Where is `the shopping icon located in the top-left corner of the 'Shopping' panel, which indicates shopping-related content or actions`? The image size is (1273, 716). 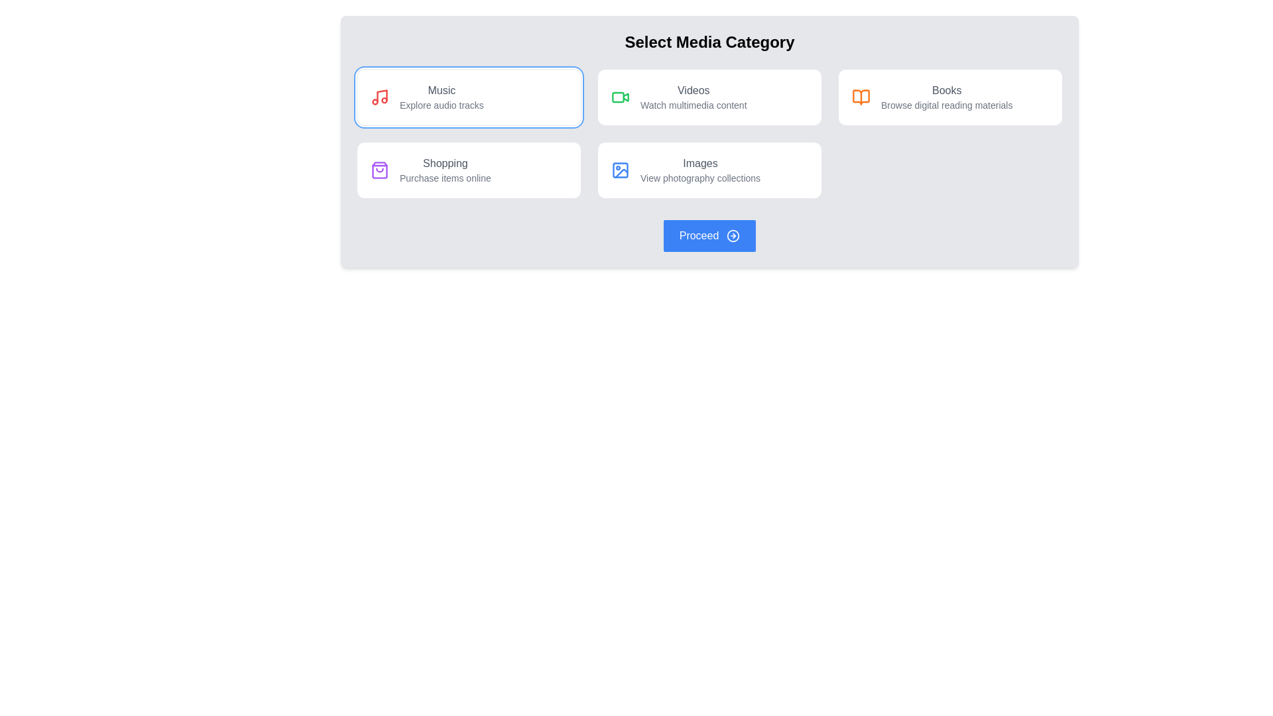 the shopping icon located in the top-left corner of the 'Shopping' panel, which indicates shopping-related content or actions is located at coordinates (379, 170).